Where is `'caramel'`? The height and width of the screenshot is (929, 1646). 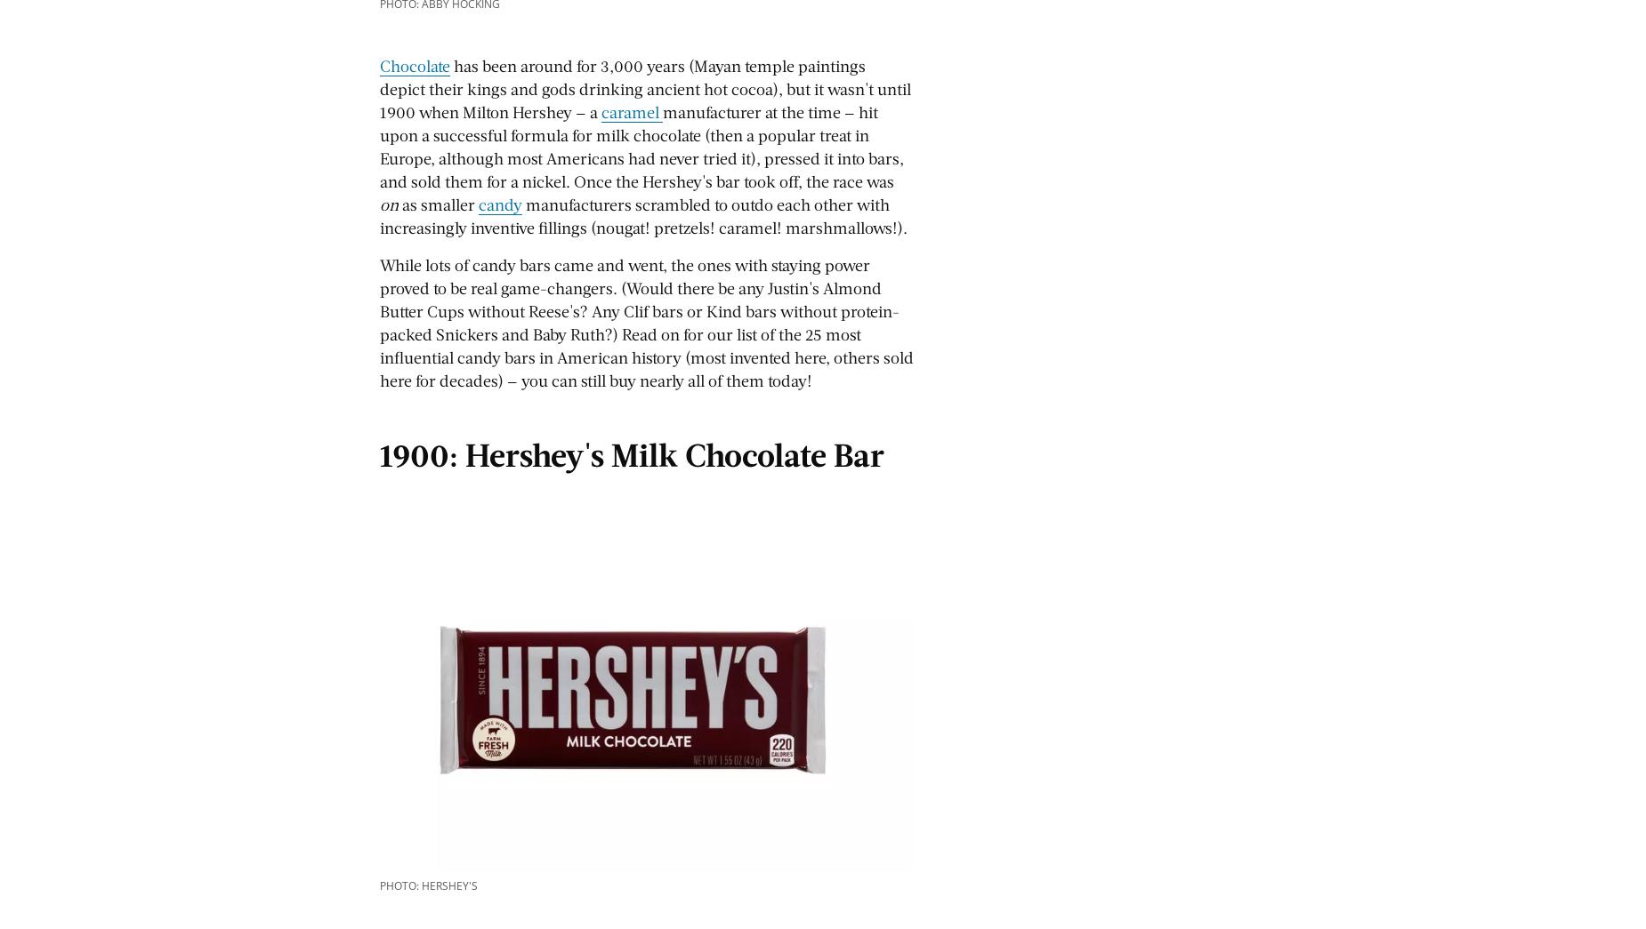 'caramel' is located at coordinates (632, 111).